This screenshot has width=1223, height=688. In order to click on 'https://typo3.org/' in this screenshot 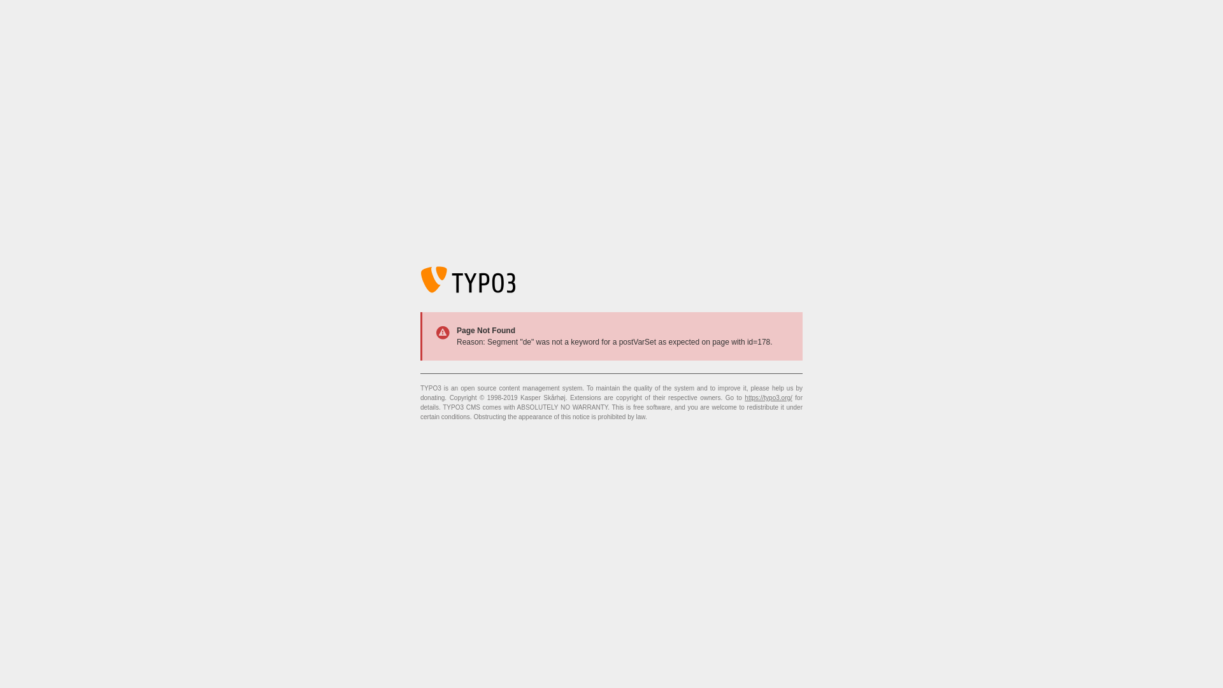, I will do `click(768, 397)`.